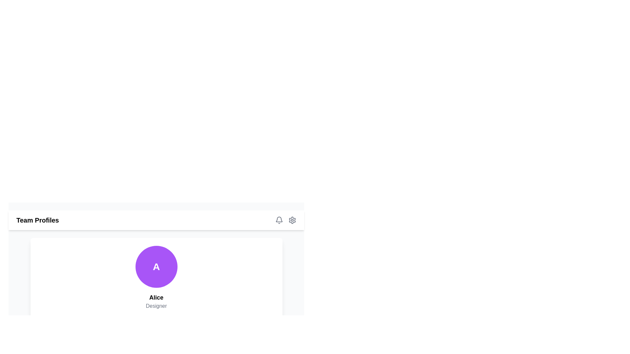 This screenshot has width=630, height=354. I want to click on the static text label displaying 'Designer', which is positioned below the 'Alice' text and above the 'Next Profile' button, so click(156, 306).